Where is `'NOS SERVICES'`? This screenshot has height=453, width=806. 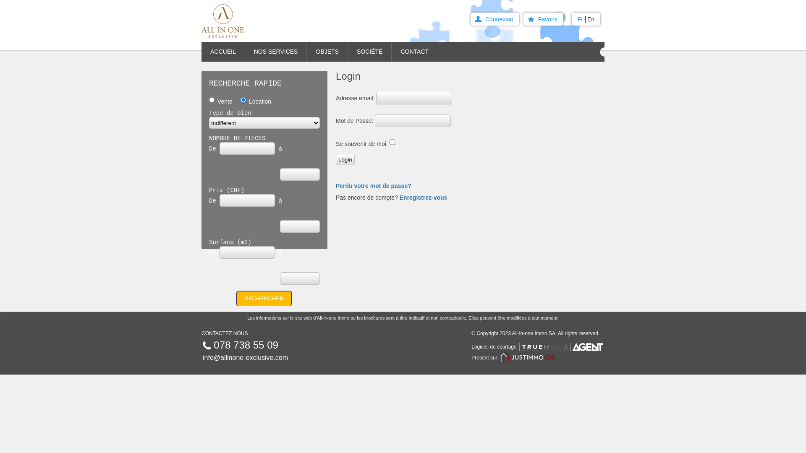
'NOS SERVICES' is located at coordinates (276, 52).